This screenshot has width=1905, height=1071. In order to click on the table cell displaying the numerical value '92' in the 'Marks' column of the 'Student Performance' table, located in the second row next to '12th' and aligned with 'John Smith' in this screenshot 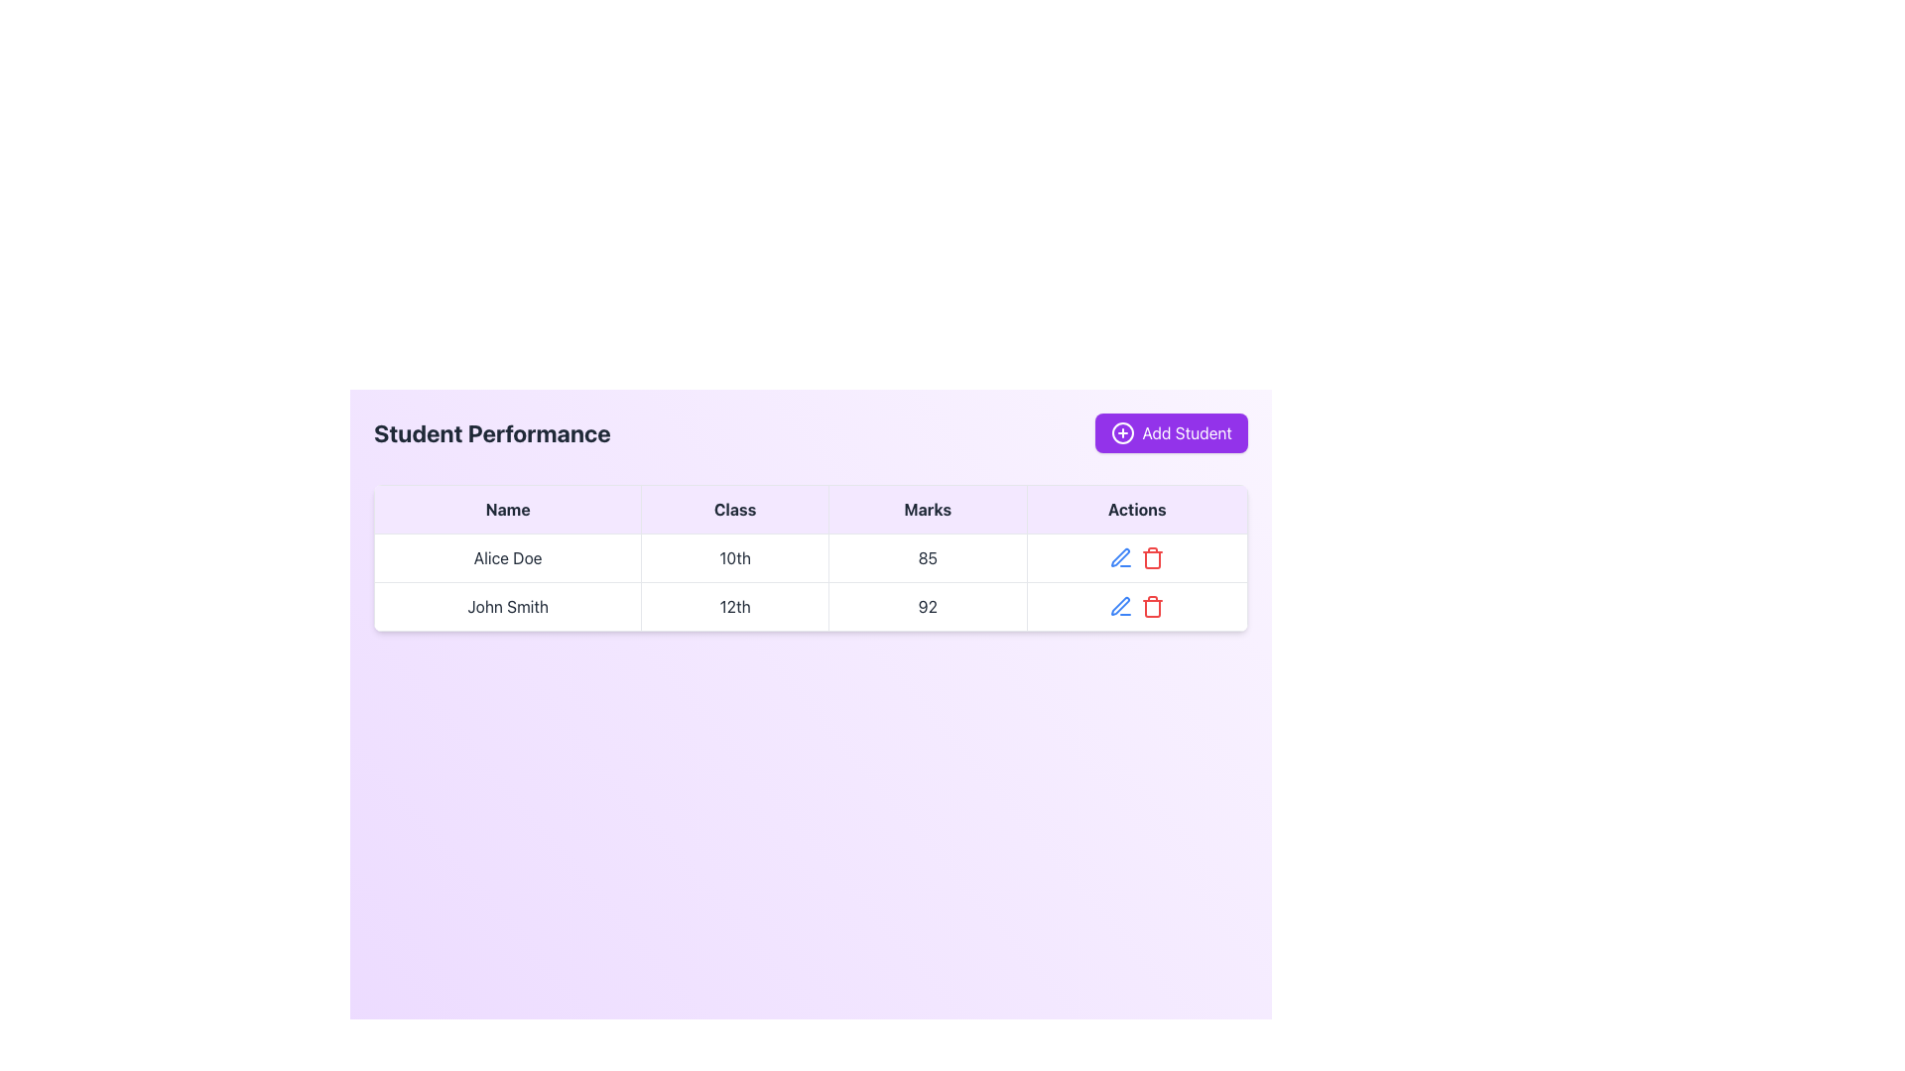, I will do `click(927, 606)`.